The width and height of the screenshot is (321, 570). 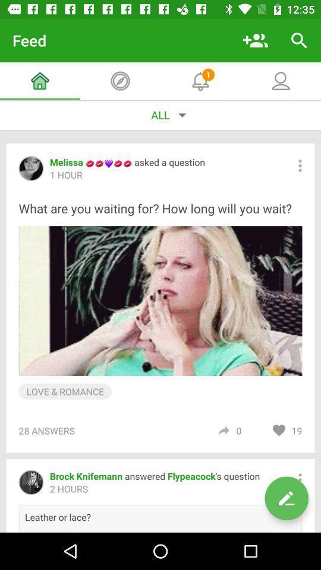 I want to click on new post, so click(x=286, y=498).